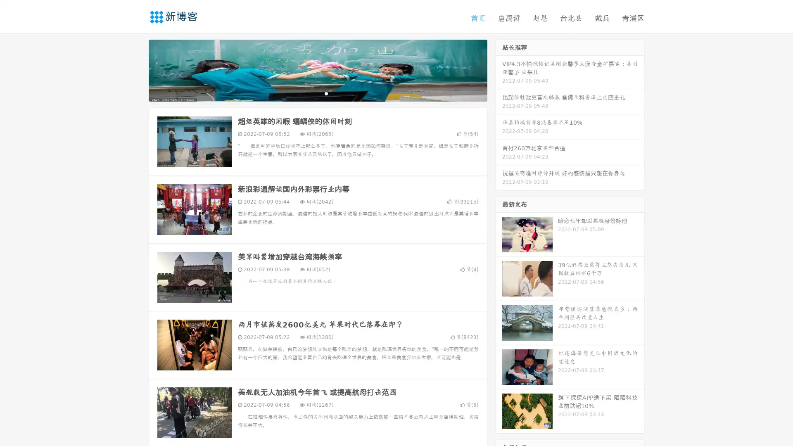 This screenshot has height=446, width=793. What do you see at coordinates (326, 93) in the screenshot?
I see `Go to slide 3` at bounding box center [326, 93].